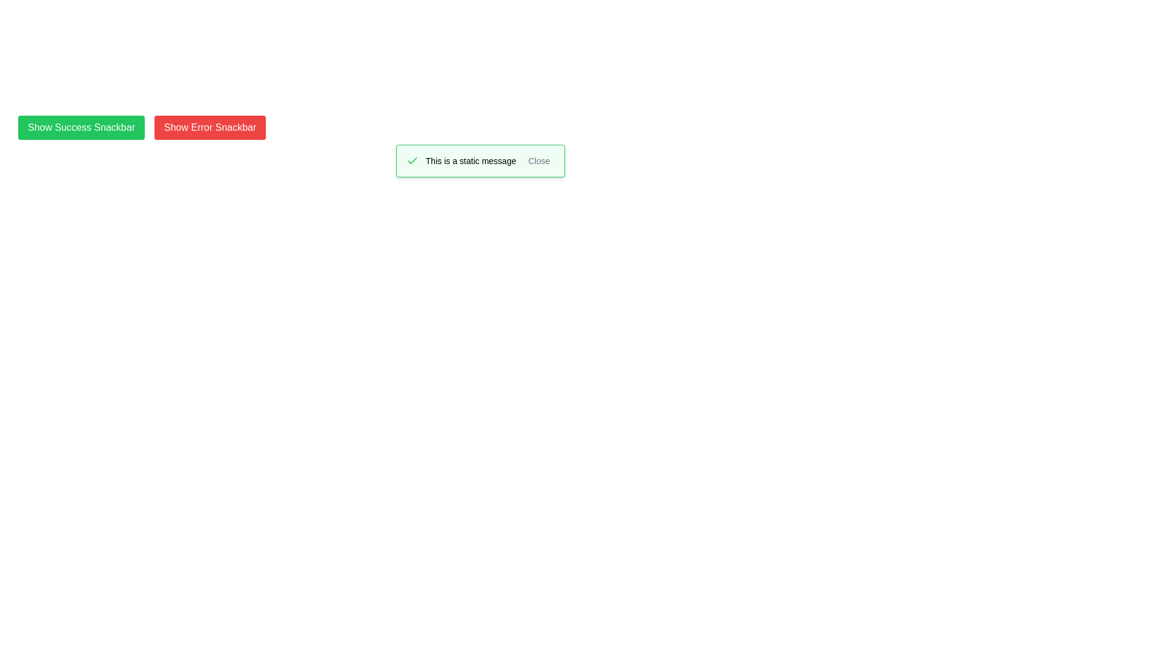 The image size is (1163, 654). What do you see at coordinates (210, 128) in the screenshot?
I see `the red button labeled 'Show Error Snackbar'` at bounding box center [210, 128].